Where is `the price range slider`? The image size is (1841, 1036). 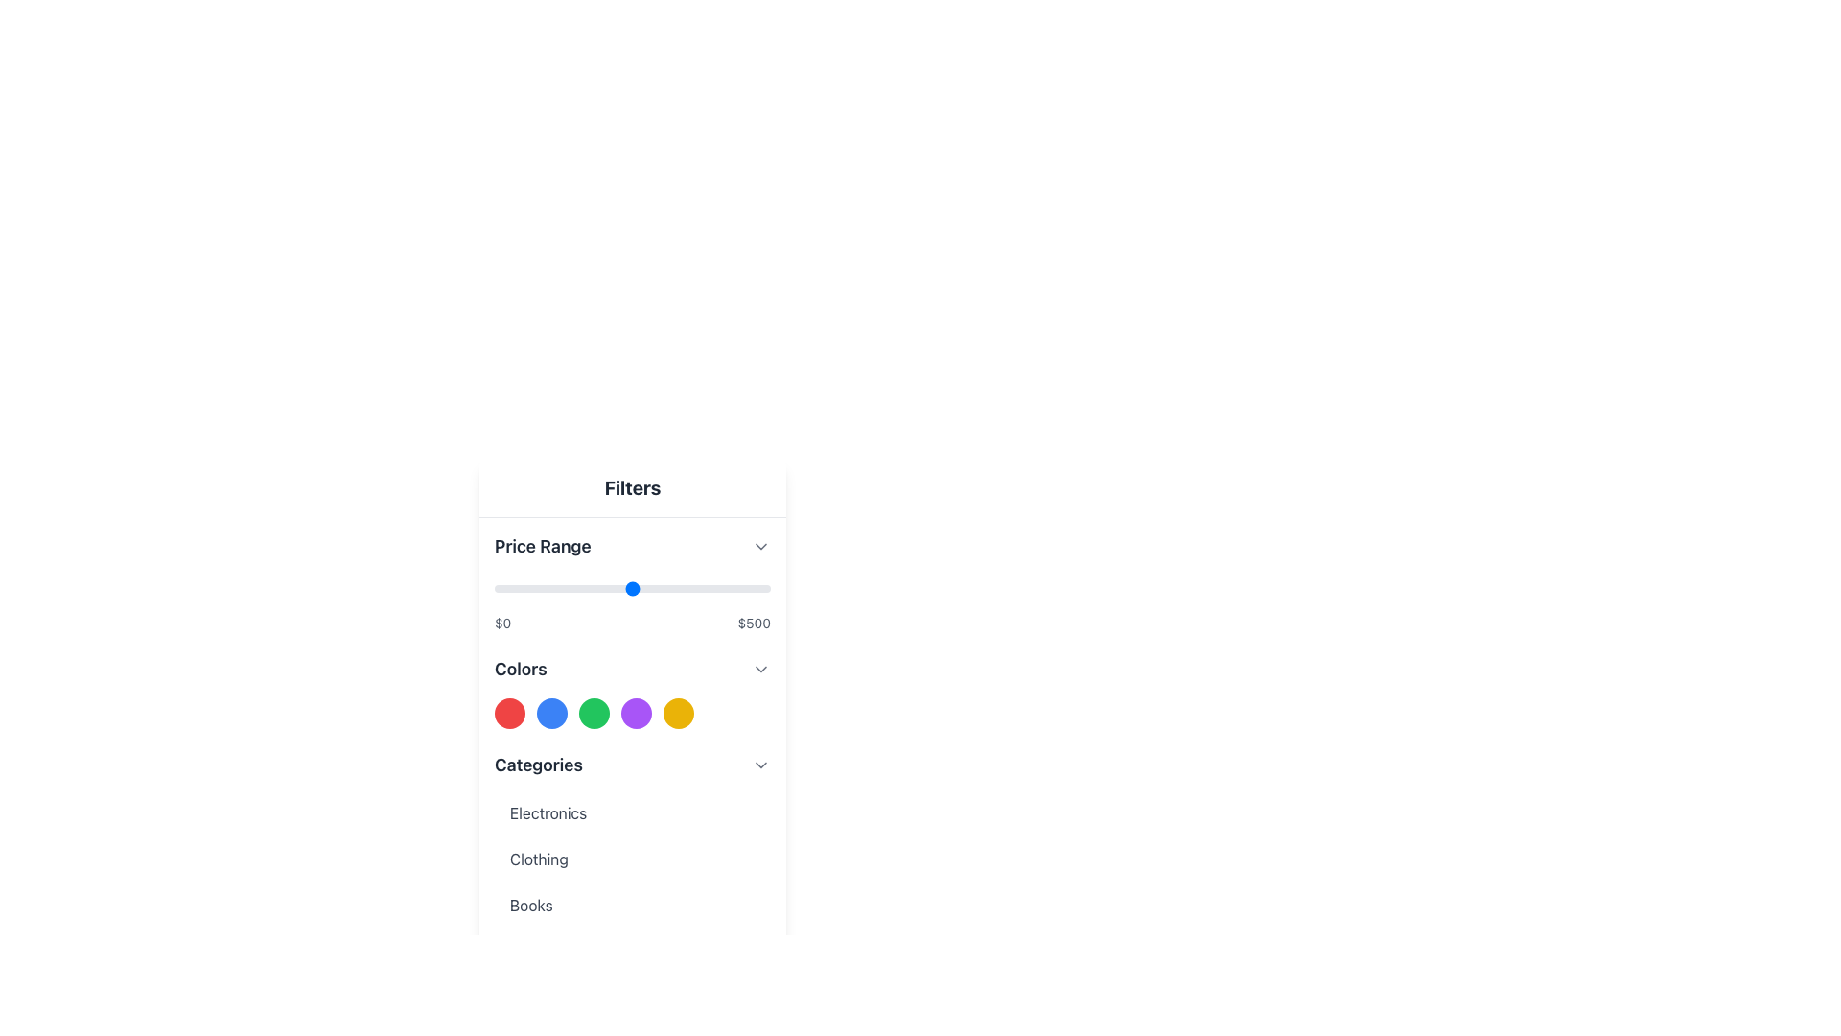 the price range slider is located at coordinates (618, 587).